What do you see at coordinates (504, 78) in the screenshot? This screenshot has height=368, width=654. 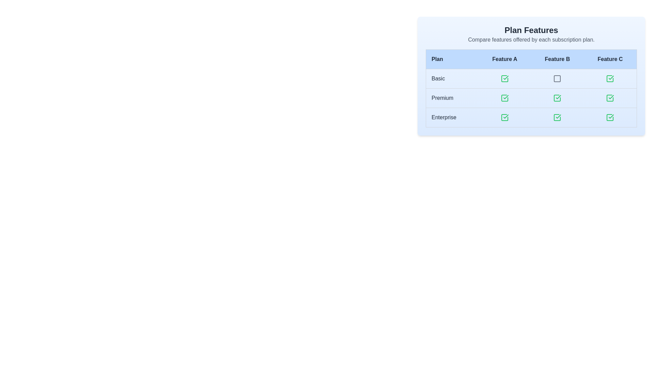 I see `green check mark icon in the 'Feature A' column of the table, which indicates the availability of this feature for the 'Basic' plan` at bounding box center [504, 78].